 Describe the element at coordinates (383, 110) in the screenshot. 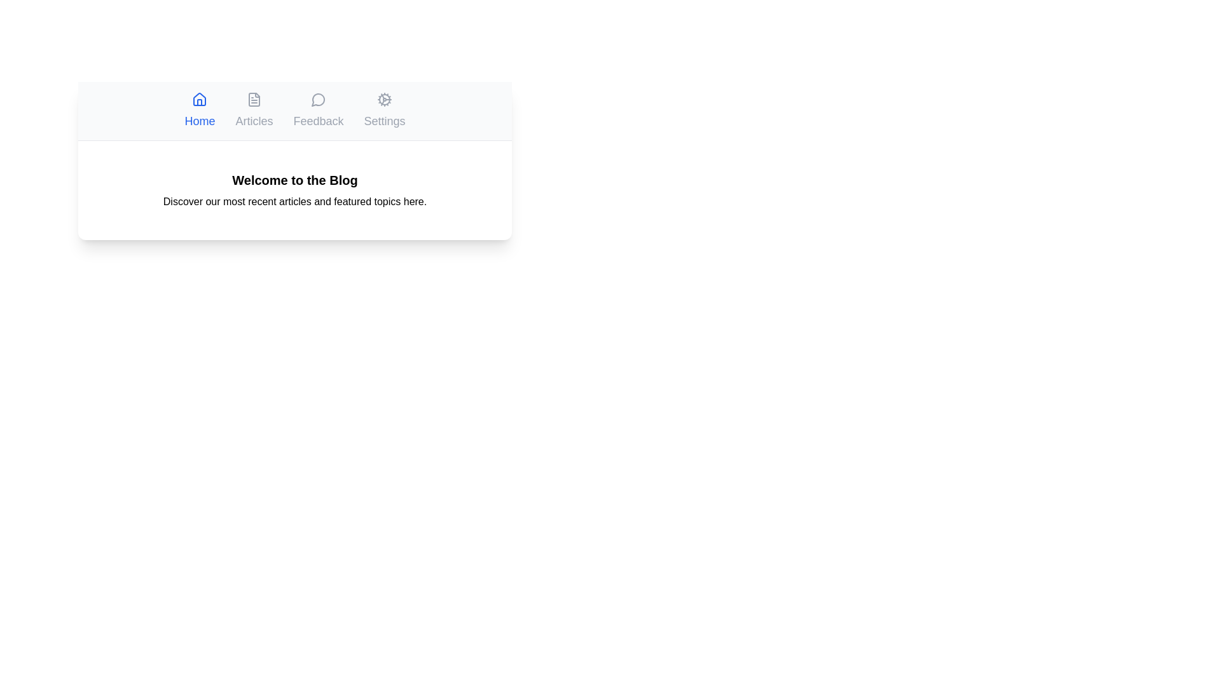

I see `the tab labeled Settings to observe its hover effect` at that location.